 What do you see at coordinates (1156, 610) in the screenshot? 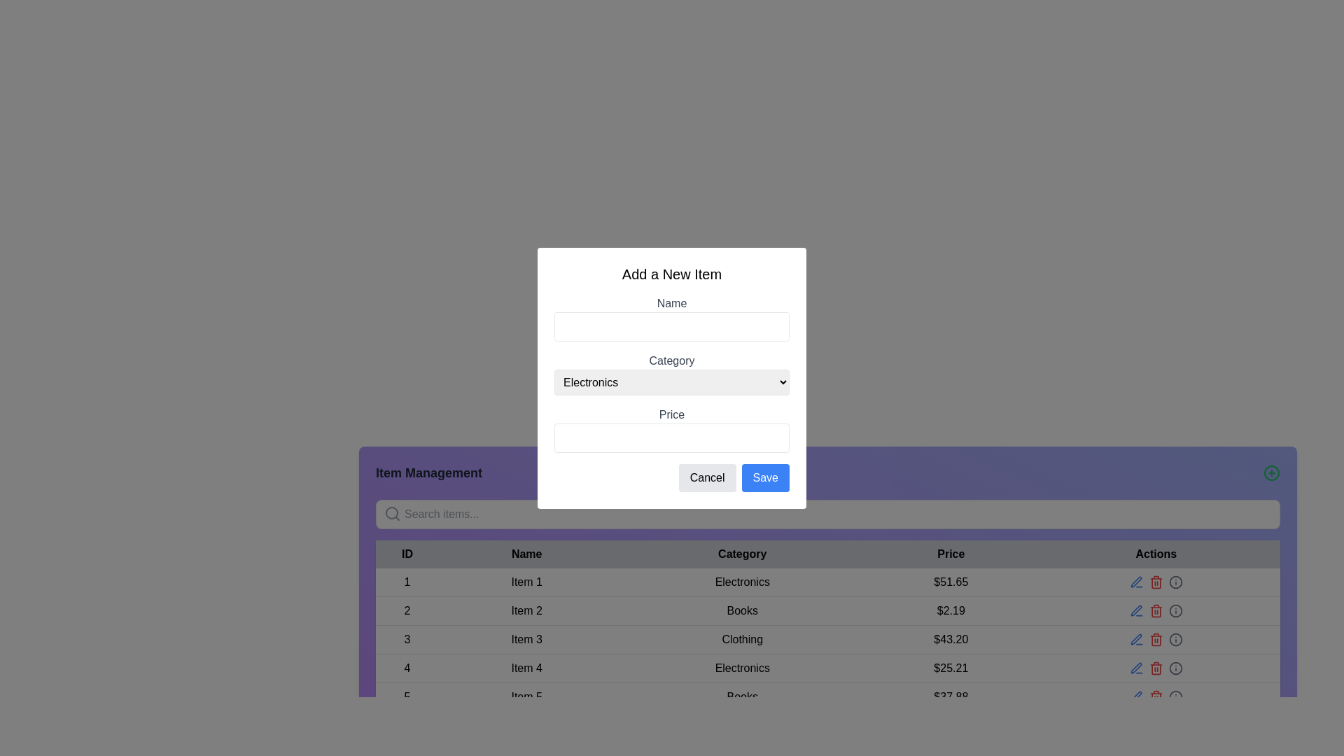
I see `the trash bin icon button located in the 'Actions' column of the second row in the table, which is styled in red and indicates a delete action` at bounding box center [1156, 610].